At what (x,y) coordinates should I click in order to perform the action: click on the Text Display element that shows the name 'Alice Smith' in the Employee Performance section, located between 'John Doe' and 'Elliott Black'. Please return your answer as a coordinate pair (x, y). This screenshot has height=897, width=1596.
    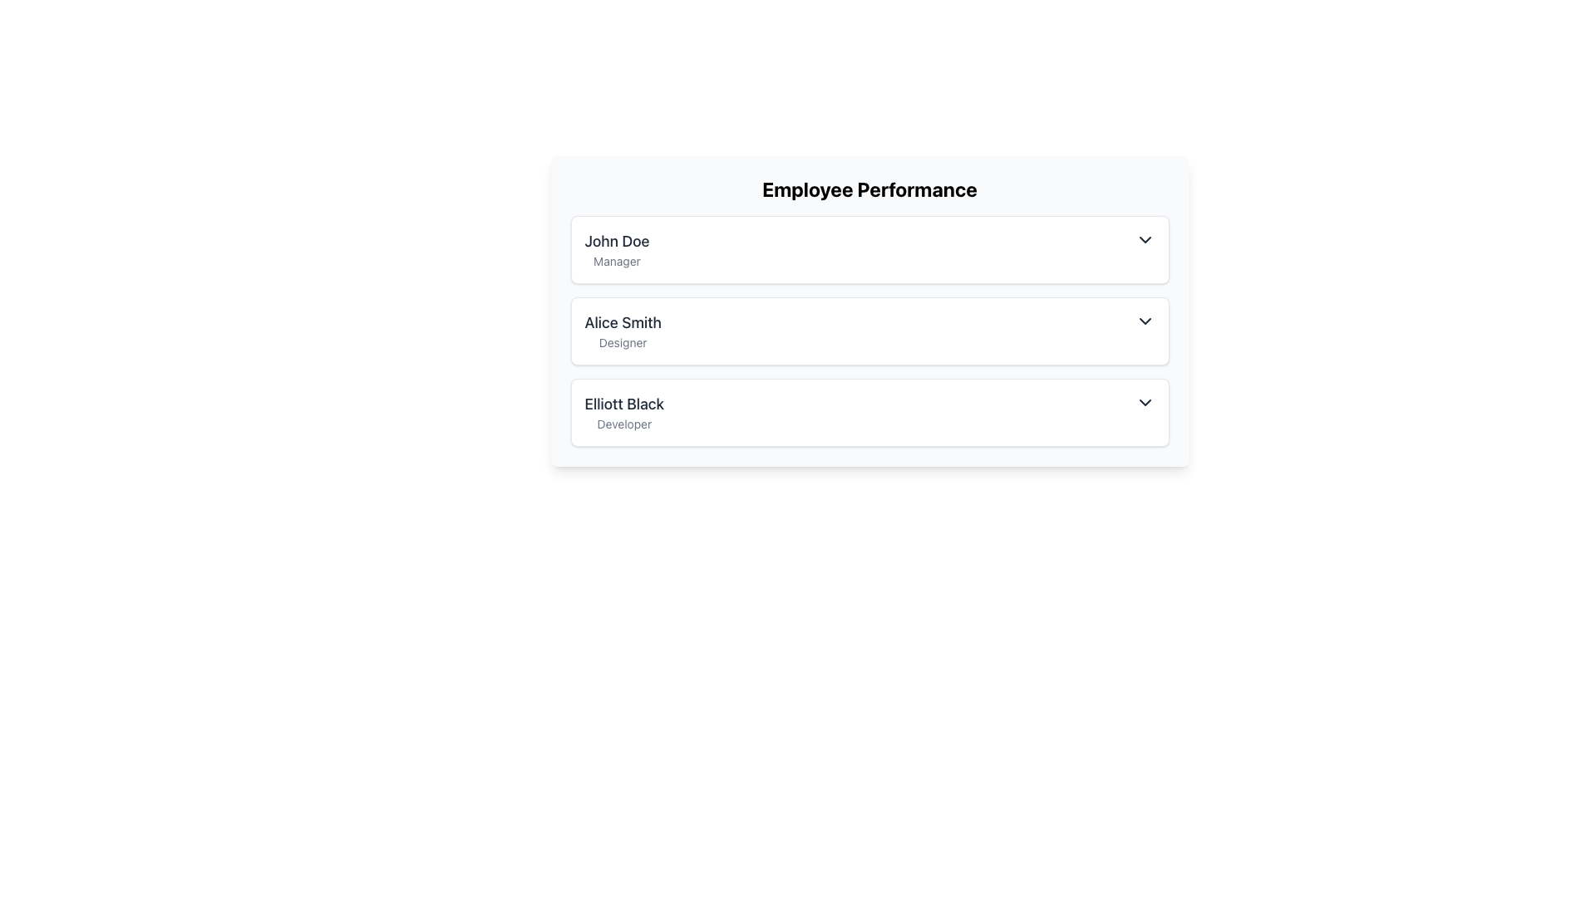
    Looking at the image, I should click on (622, 323).